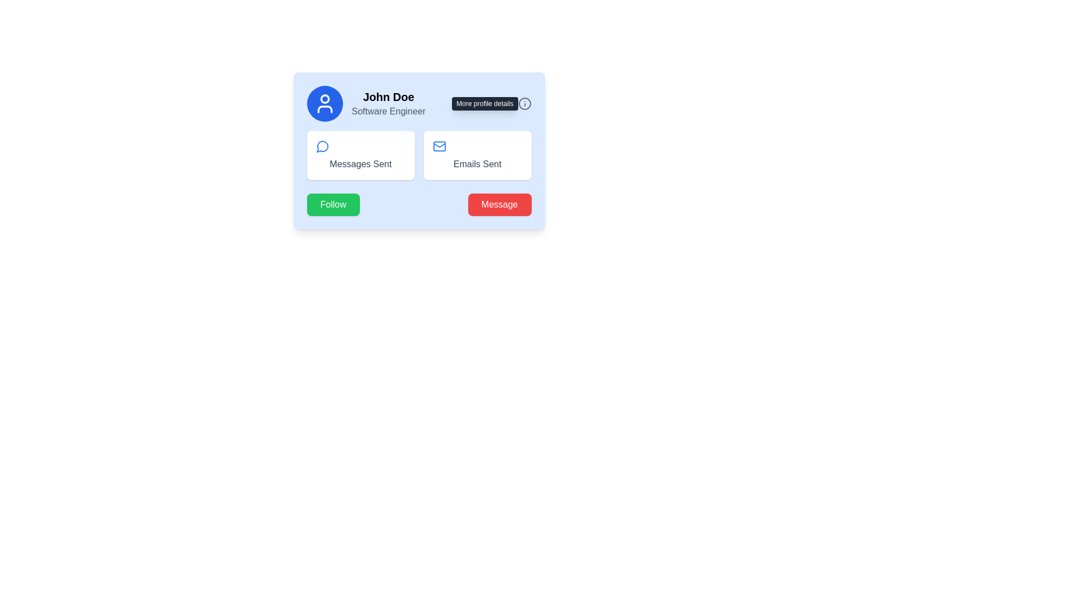 This screenshot has width=1078, height=606. I want to click on the text label indicating the number of messages sent, which is located within a white rounded card under the chat bubble icon and to the left of the 'Emails Sent' card, so click(360, 164).